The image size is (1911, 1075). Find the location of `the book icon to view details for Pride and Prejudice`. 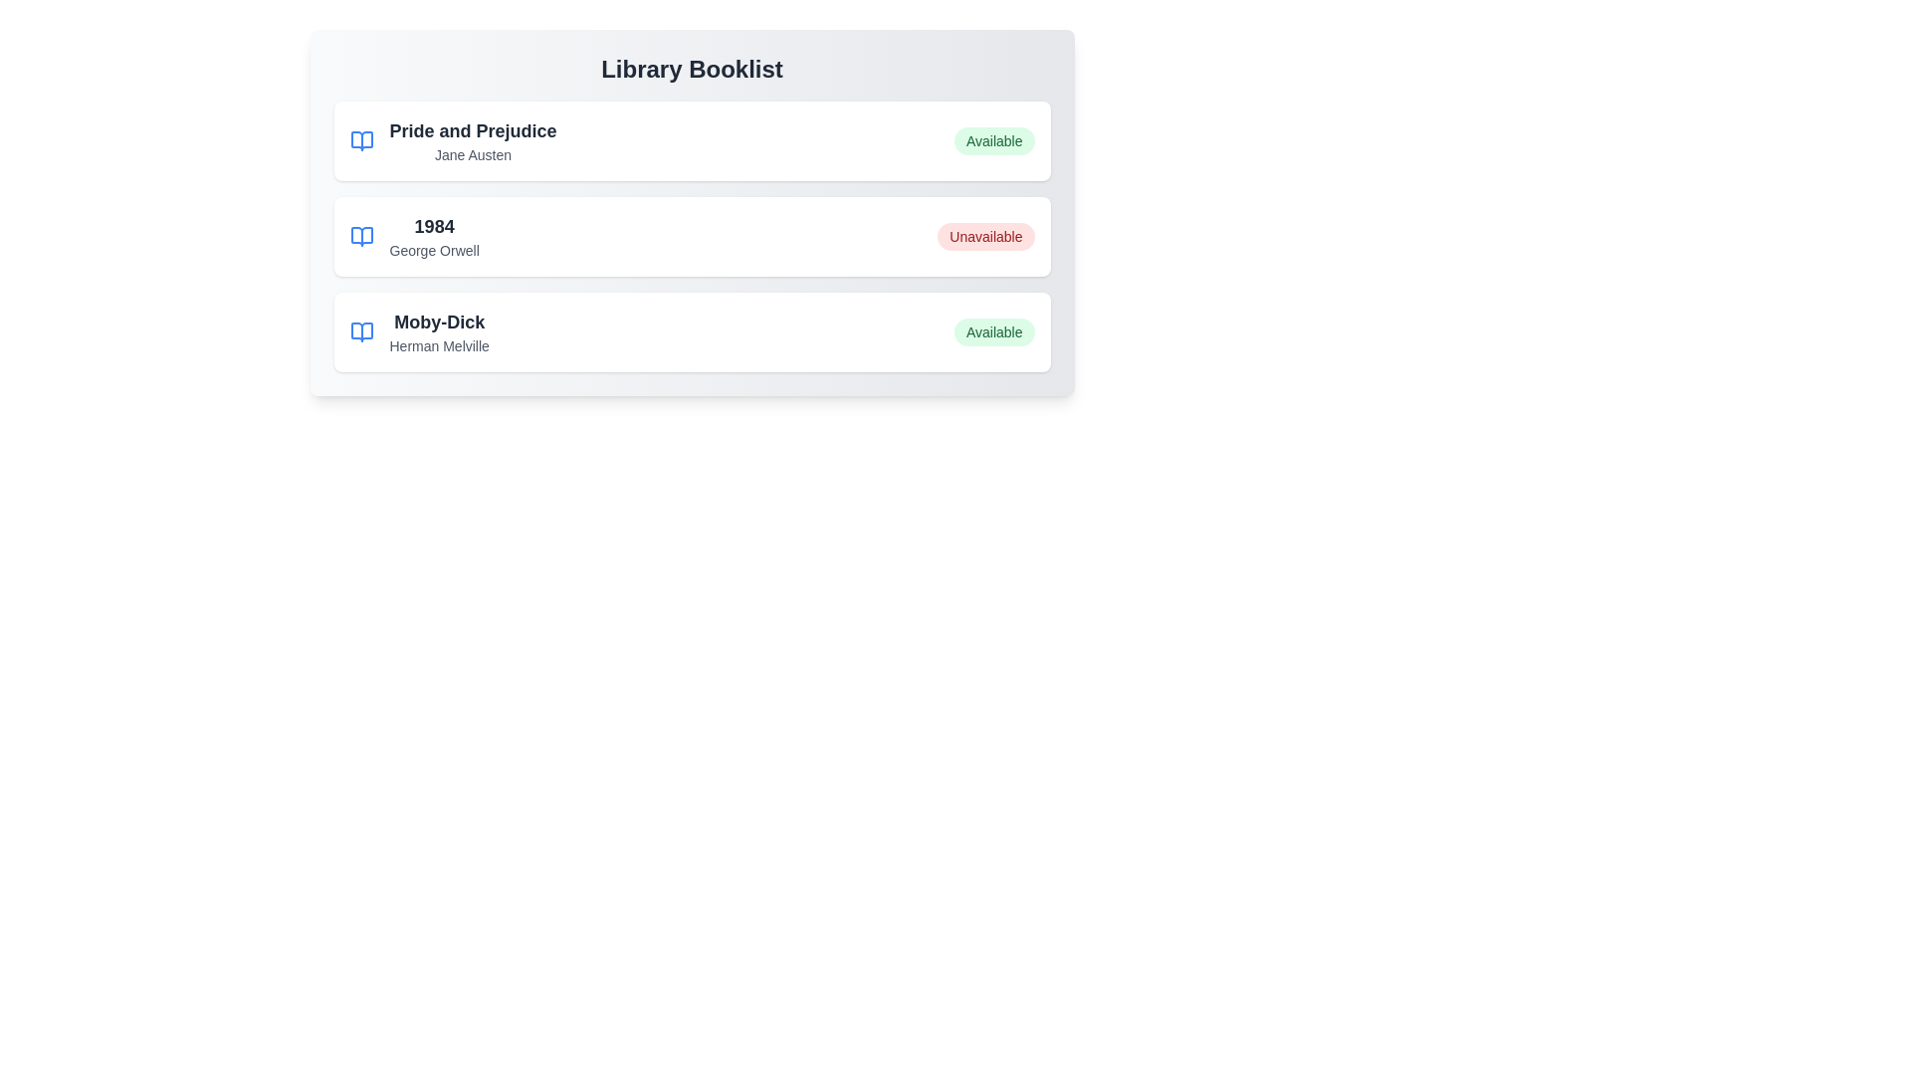

the book icon to view details for Pride and Prejudice is located at coordinates (361, 140).